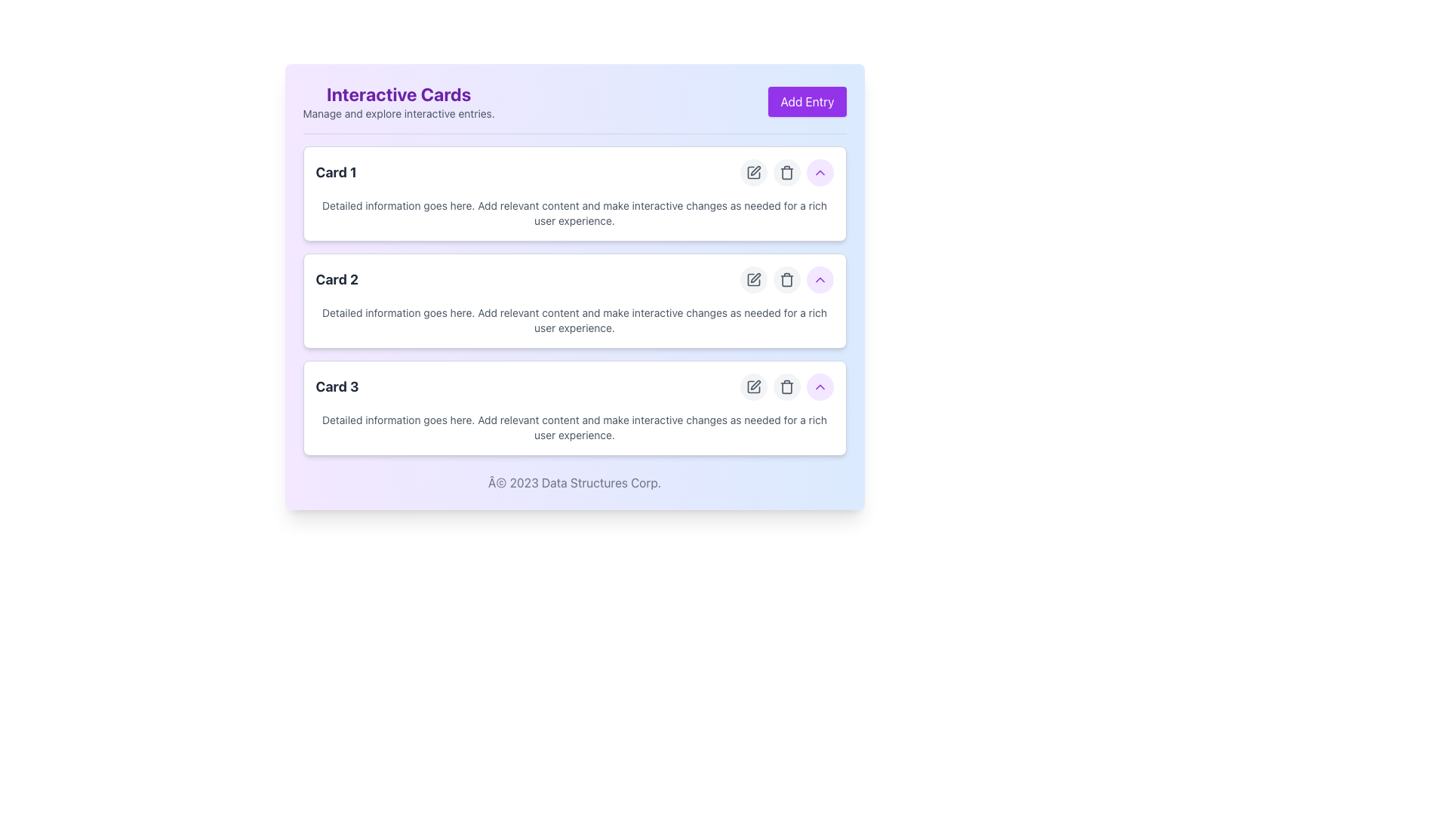  Describe the element at coordinates (336, 386) in the screenshot. I see `text content of the 'Card 3' label, which is a bold dark gray text located at the top-left section of the third card in a vertical list` at that location.